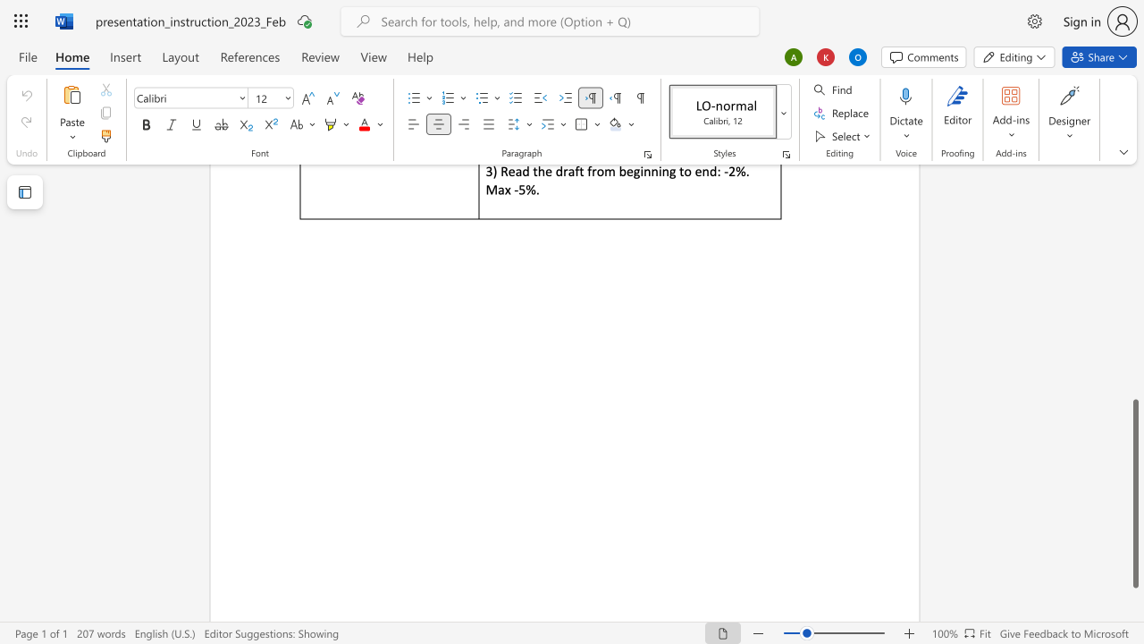 Image resolution: width=1144 pixels, height=644 pixels. I want to click on the scrollbar to move the page up, so click(1134, 241).